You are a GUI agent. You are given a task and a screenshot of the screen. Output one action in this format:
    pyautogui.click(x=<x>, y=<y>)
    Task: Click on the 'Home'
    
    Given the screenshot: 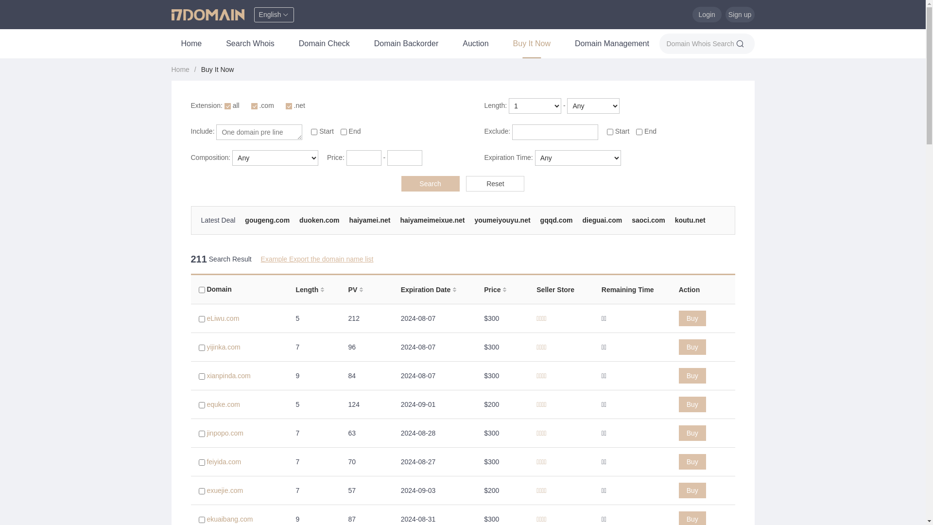 What is the action you would take?
    pyautogui.click(x=191, y=43)
    